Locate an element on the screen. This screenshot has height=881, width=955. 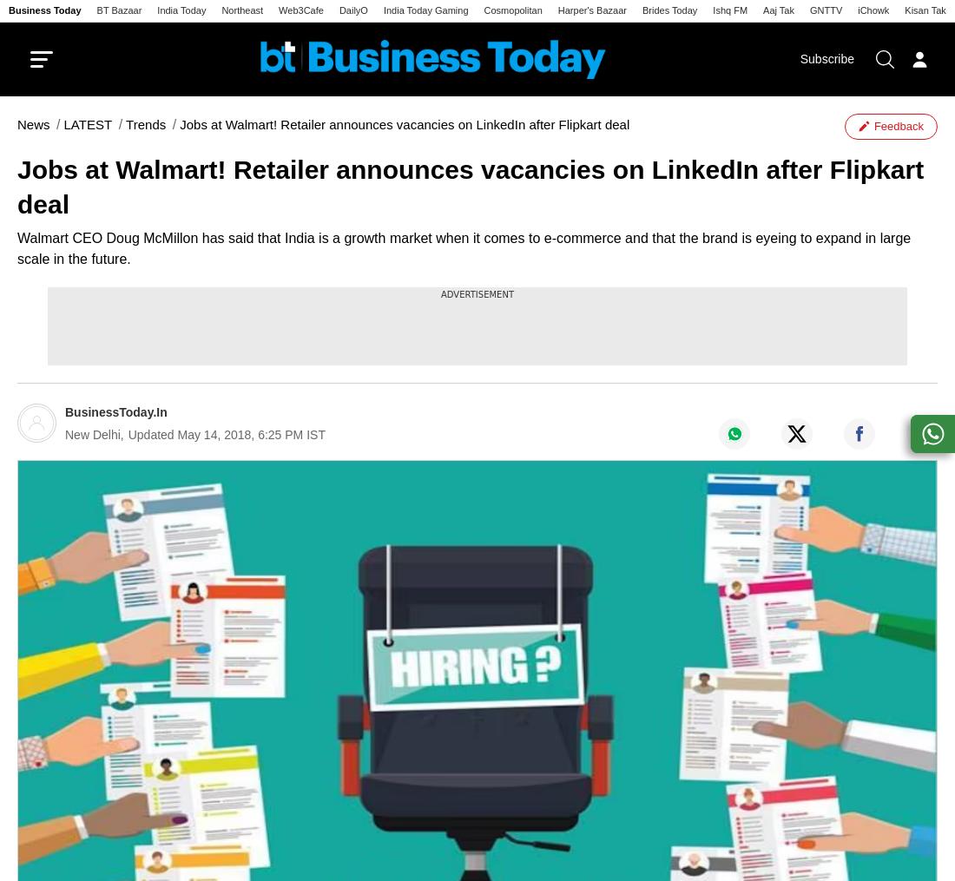
'UPSTART' is located at coordinates (716, 118).